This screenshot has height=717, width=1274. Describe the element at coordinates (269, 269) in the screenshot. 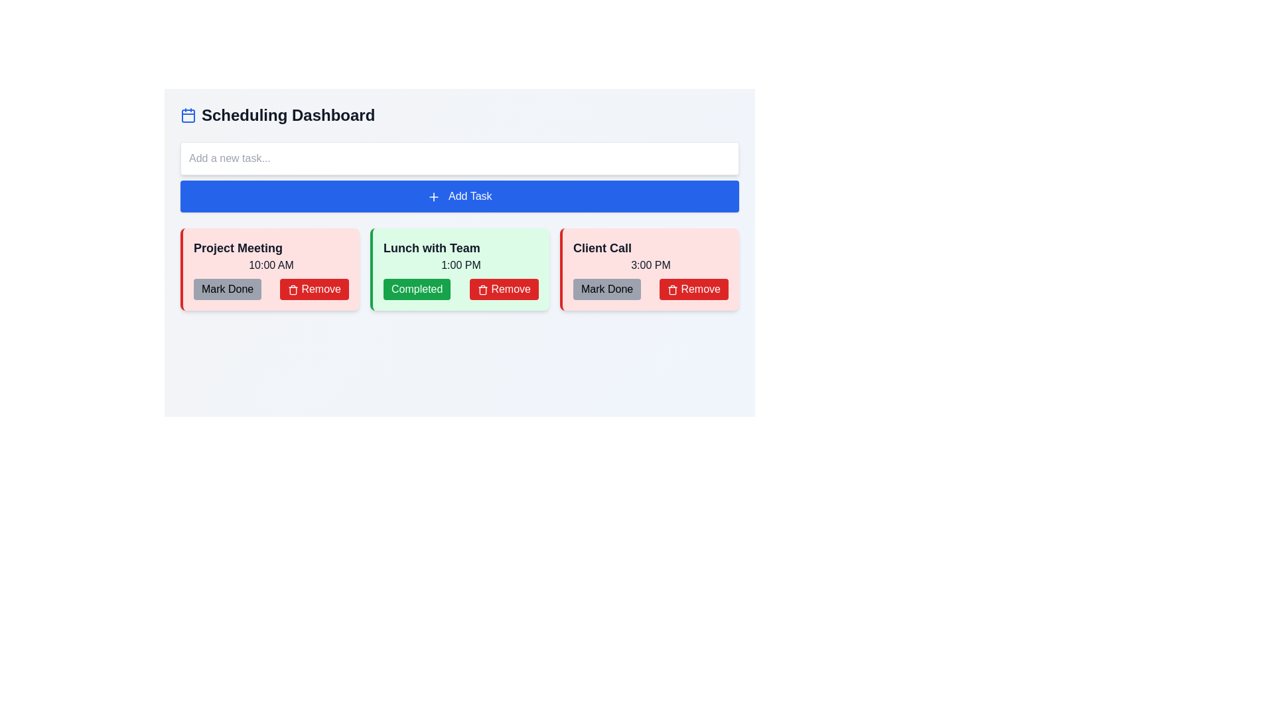

I see `the 'Mark Done' button on the first Task card in the grid layout to mark the task as completed` at that location.